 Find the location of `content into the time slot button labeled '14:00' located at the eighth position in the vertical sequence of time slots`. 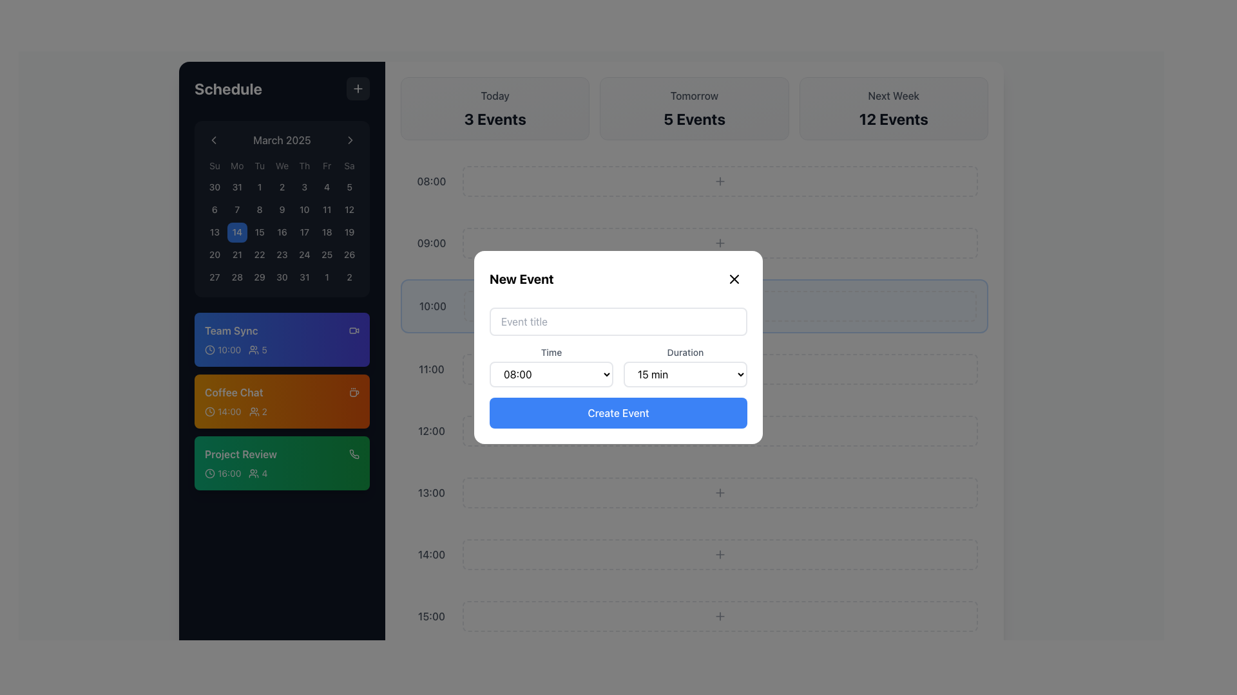

content into the time slot button labeled '14:00' located at the eighth position in the vertical sequence of time slots is located at coordinates (694, 553).